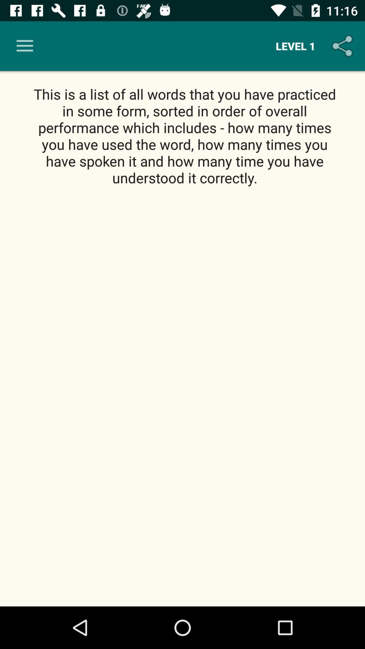 Image resolution: width=365 pixels, height=649 pixels. What do you see at coordinates (344, 46) in the screenshot?
I see `the icon above this is a` at bounding box center [344, 46].